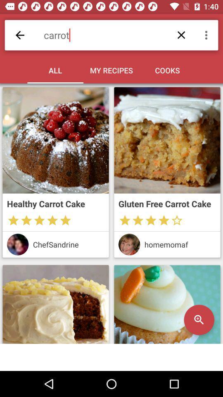 The image size is (223, 397). What do you see at coordinates (56, 304) in the screenshot?
I see `result image` at bounding box center [56, 304].